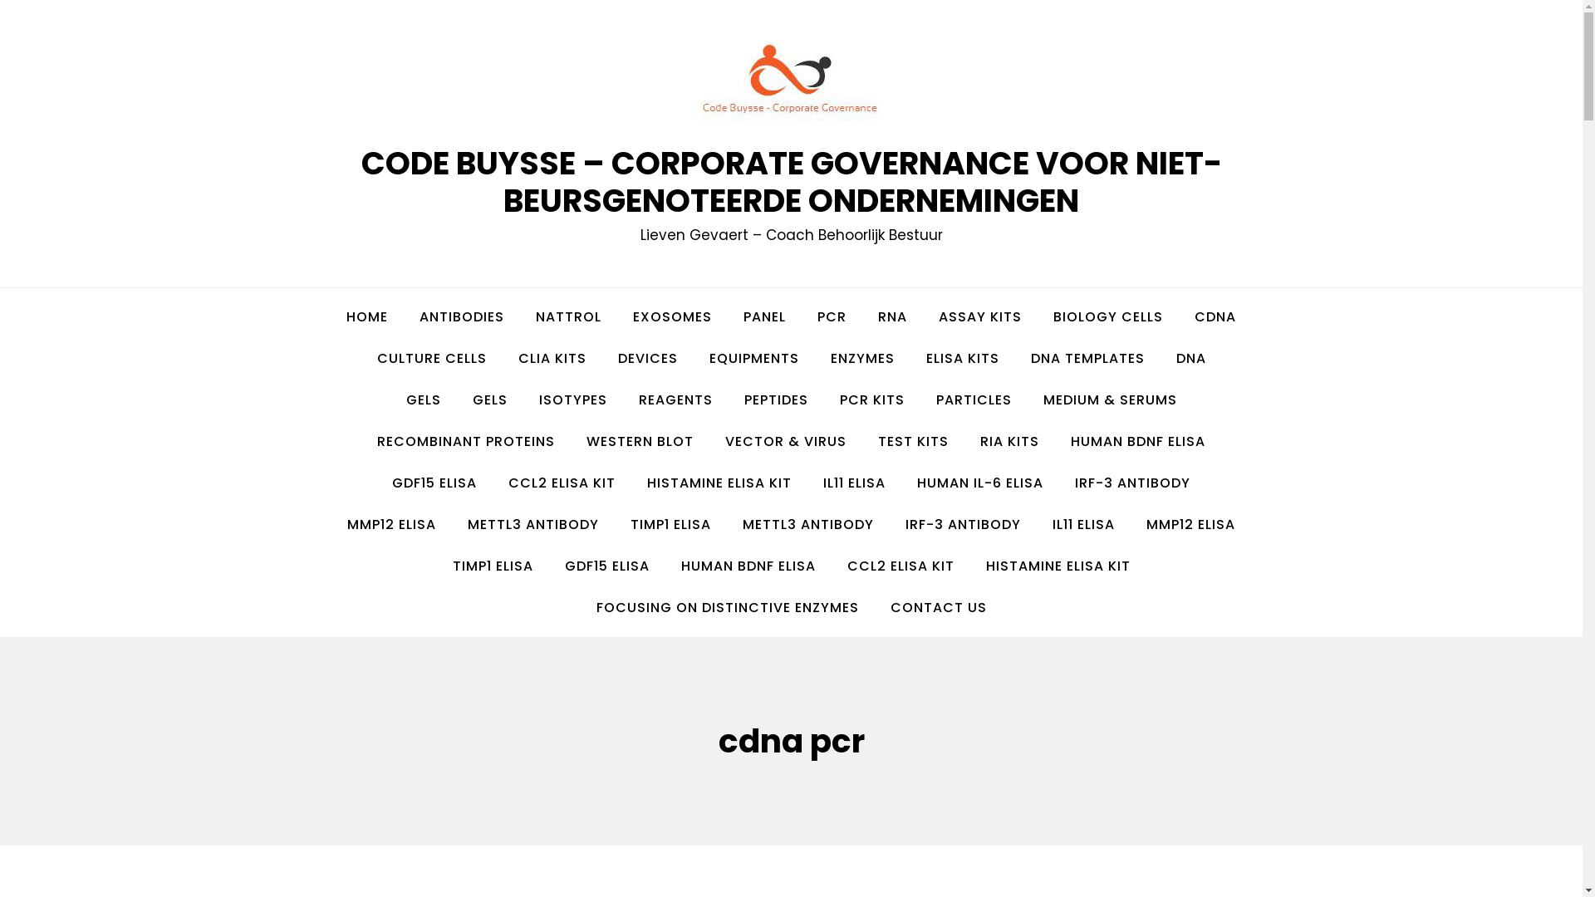 Image resolution: width=1595 pixels, height=897 pixels. What do you see at coordinates (784, 441) in the screenshot?
I see `'VECTOR & VIRUS'` at bounding box center [784, 441].